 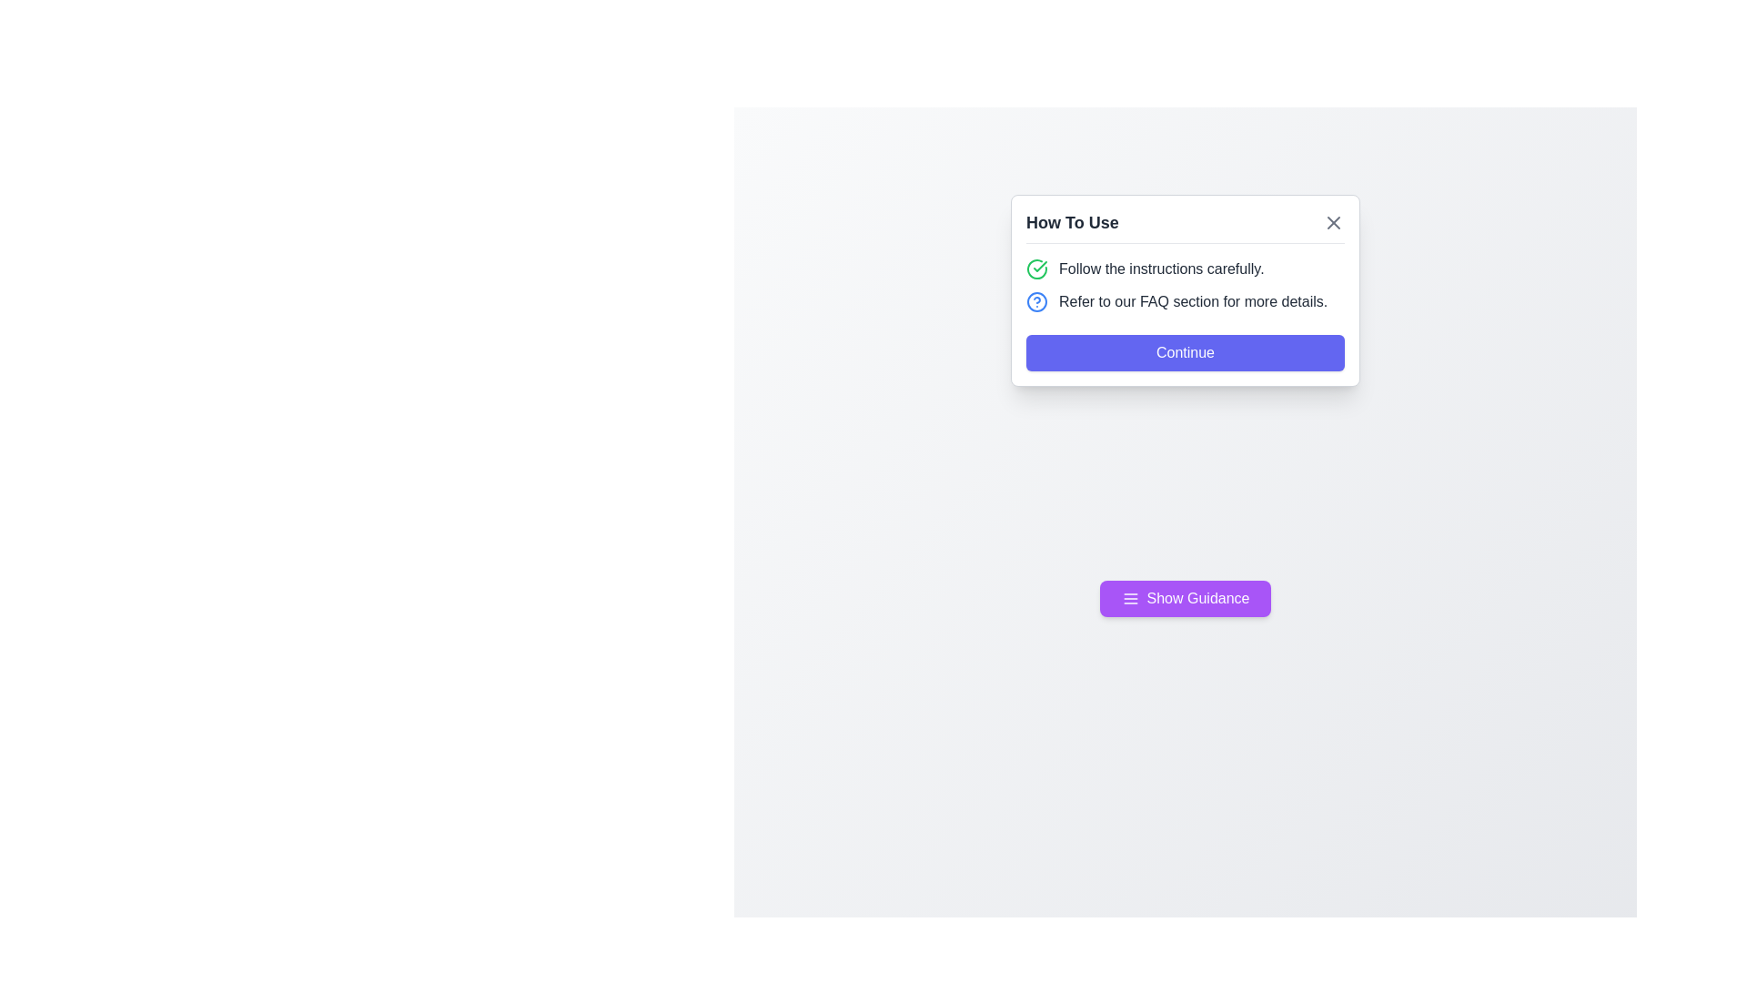 I want to click on the diagonal cross (X) shaped vector icon in the top-right corner of the 'How to Use' modal, so click(x=1333, y=222).